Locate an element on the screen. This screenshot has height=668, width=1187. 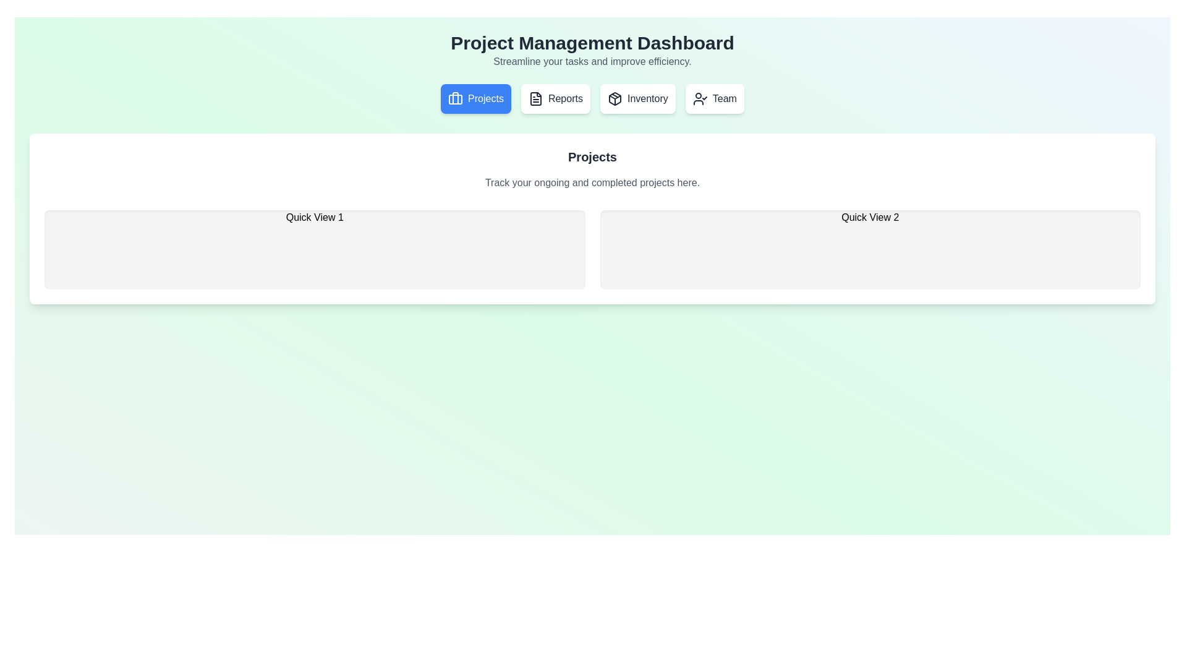
the 'Inventory' button in the navigation bar located below the 'Project Management Dashboard' is located at coordinates (637, 98).